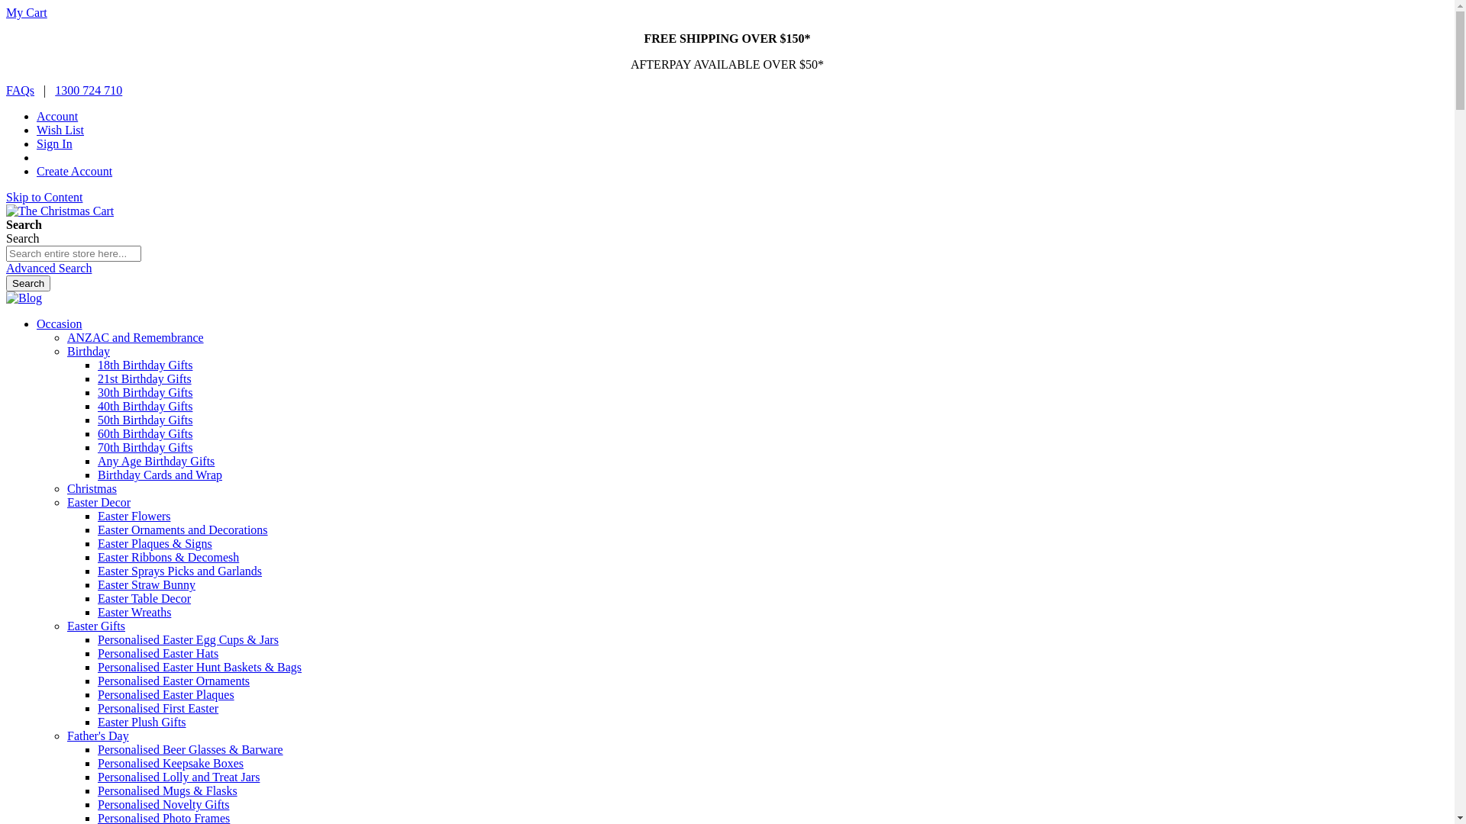 This screenshot has width=1466, height=824. Describe the element at coordinates (145, 405) in the screenshot. I see `'40th Birthday Gifts'` at that location.